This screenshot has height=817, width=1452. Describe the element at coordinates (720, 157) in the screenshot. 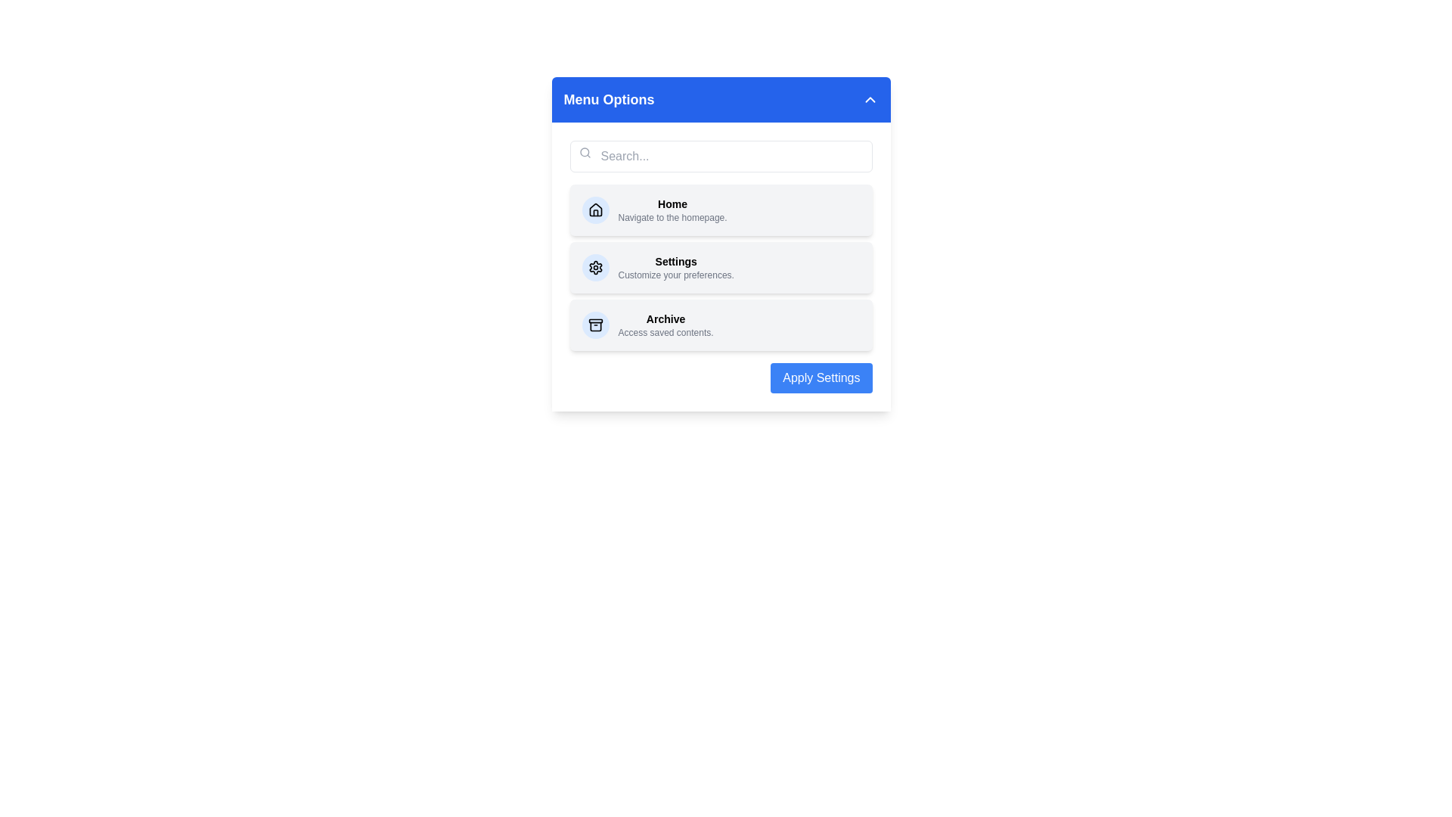

I see `the search bar to focus it` at that location.